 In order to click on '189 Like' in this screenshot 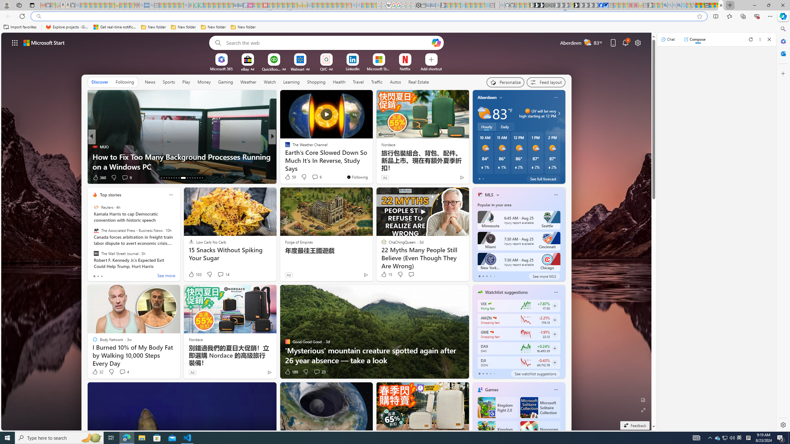, I will do `click(291, 372)`.